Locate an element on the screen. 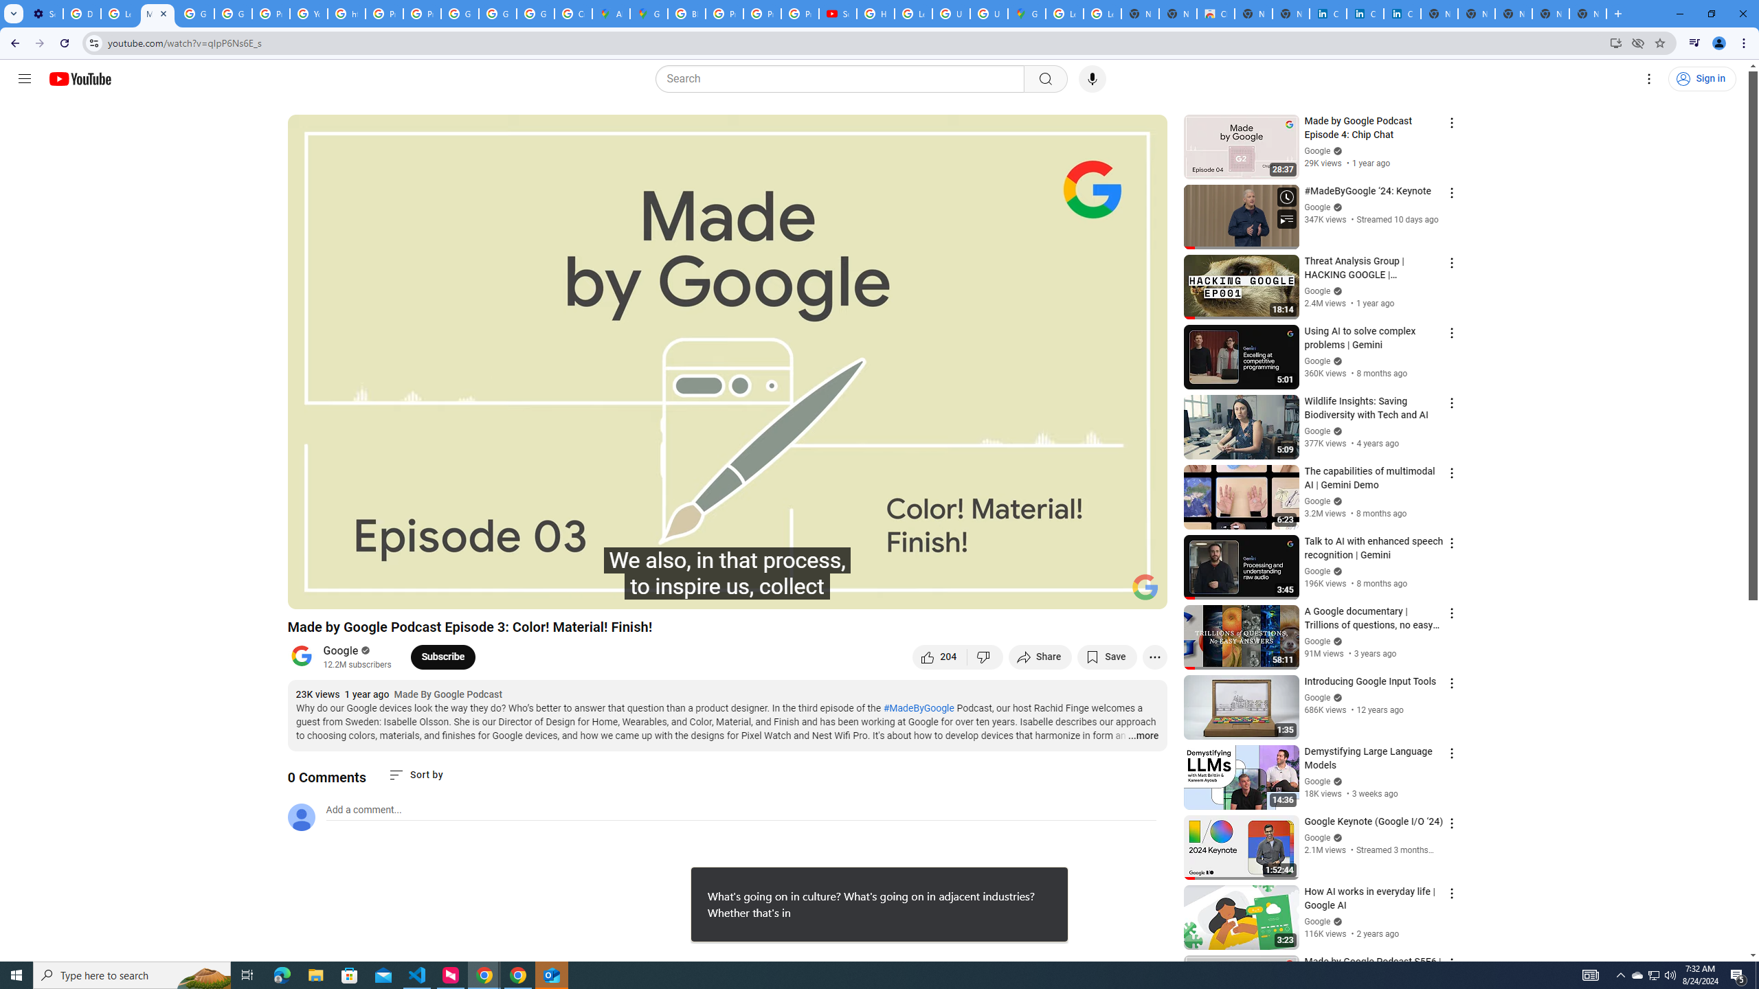 Image resolution: width=1759 pixels, height=989 pixels. 'Verified' is located at coordinates (1336, 920).